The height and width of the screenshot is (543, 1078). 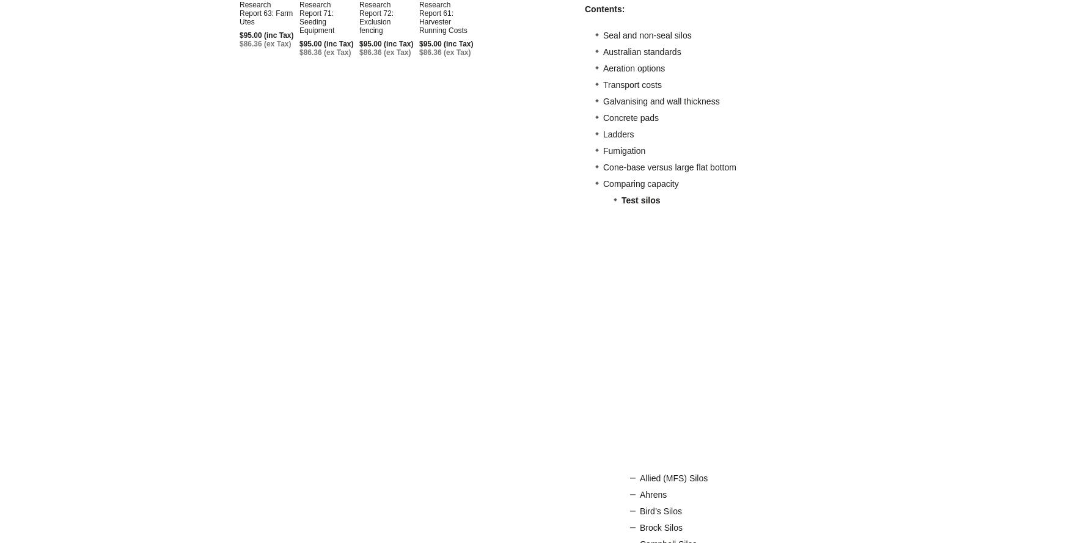 What do you see at coordinates (661, 527) in the screenshot?
I see `'Brock Silos'` at bounding box center [661, 527].